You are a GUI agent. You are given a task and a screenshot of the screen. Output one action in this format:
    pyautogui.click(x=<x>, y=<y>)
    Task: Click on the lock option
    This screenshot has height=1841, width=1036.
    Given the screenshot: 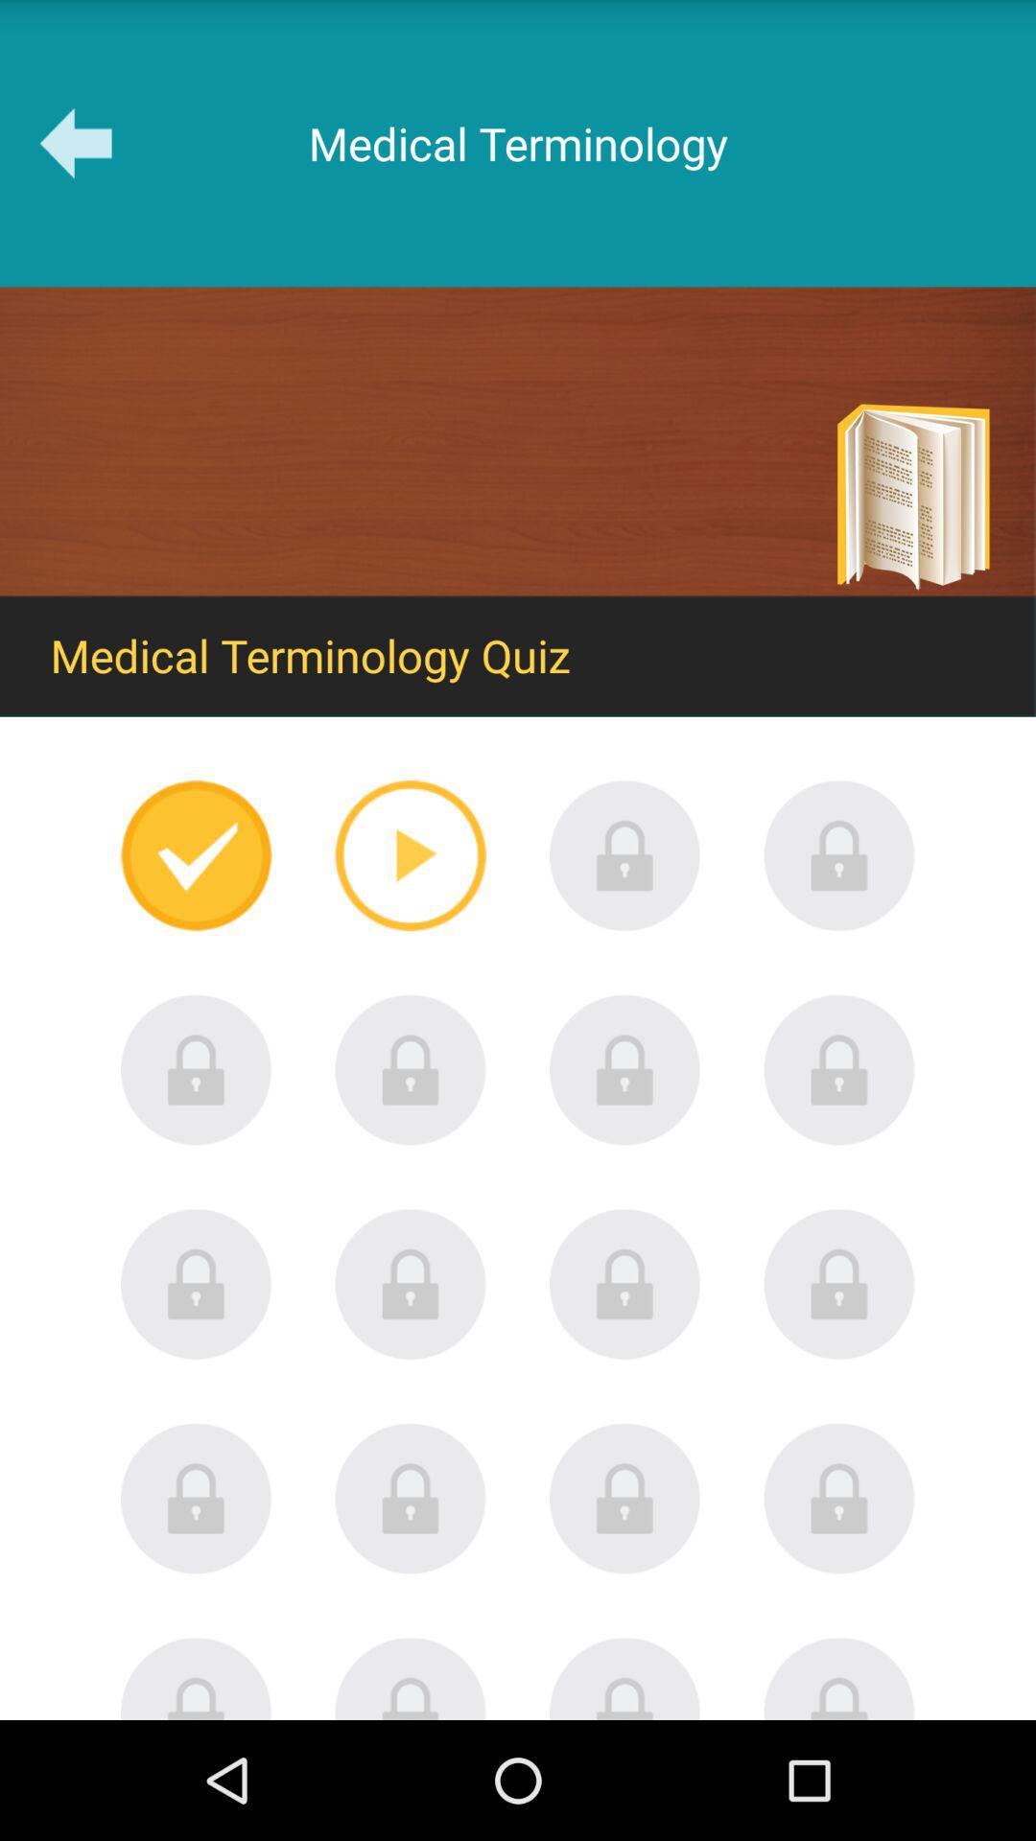 What is the action you would take?
    pyautogui.click(x=838, y=854)
    